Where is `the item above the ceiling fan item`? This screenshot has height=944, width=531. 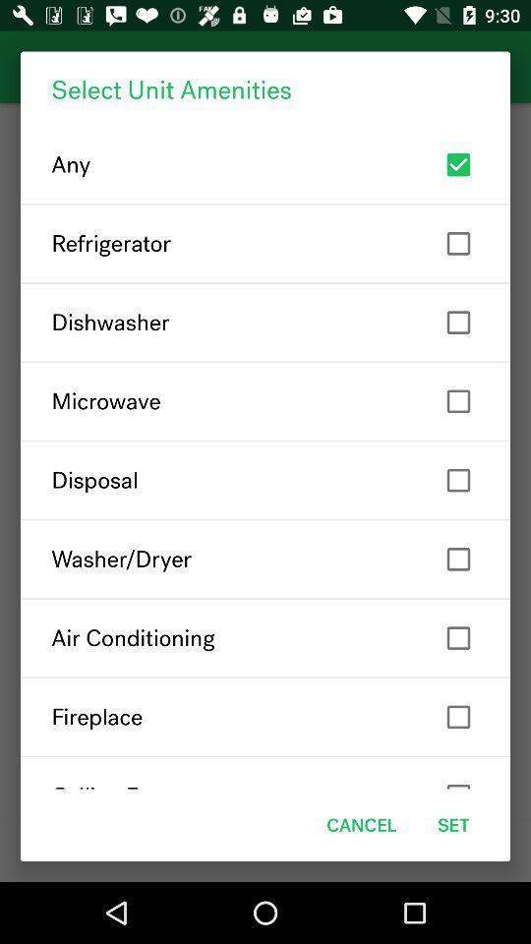 the item above the ceiling fan item is located at coordinates (265, 716).